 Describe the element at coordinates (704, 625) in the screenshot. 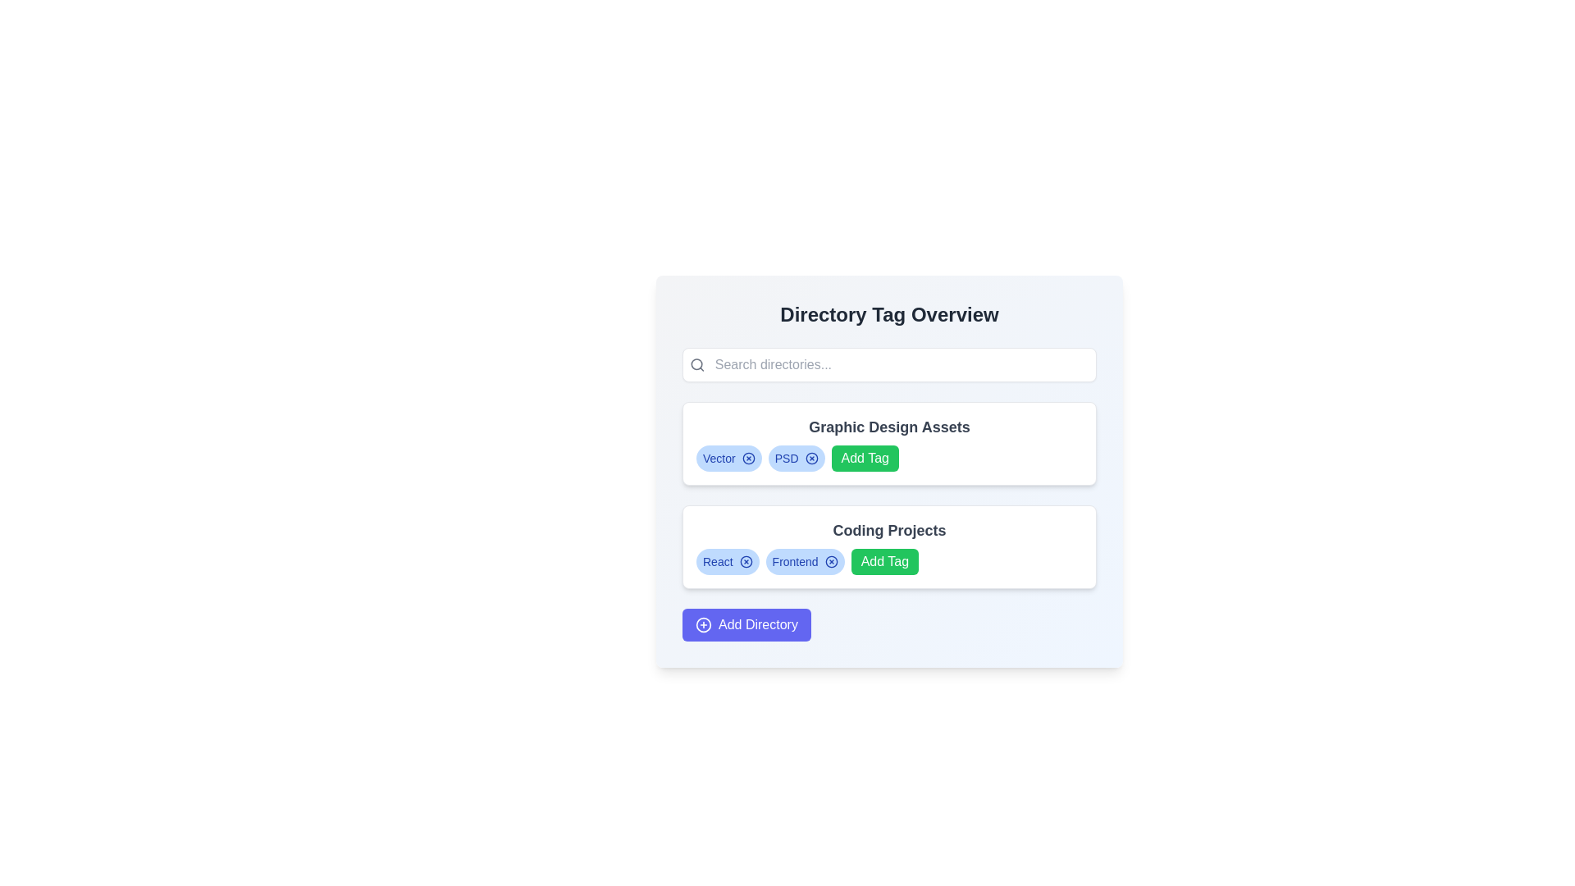

I see `the SVG ellipse (circle) icon to the left of the 'Add Directory' button to invoke a special interaction` at that location.